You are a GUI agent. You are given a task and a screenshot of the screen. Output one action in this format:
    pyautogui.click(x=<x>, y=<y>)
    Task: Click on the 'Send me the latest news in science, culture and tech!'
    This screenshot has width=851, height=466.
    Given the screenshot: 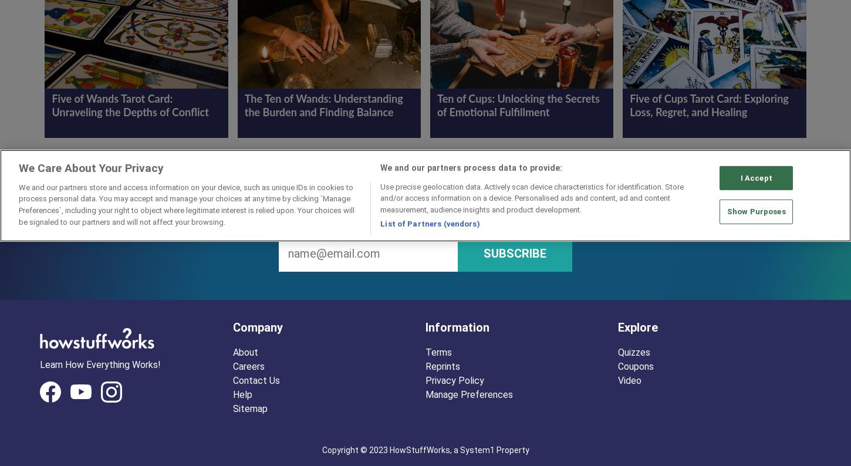 What is the action you would take?
    pyautogui.click(x=425, y=219)
    